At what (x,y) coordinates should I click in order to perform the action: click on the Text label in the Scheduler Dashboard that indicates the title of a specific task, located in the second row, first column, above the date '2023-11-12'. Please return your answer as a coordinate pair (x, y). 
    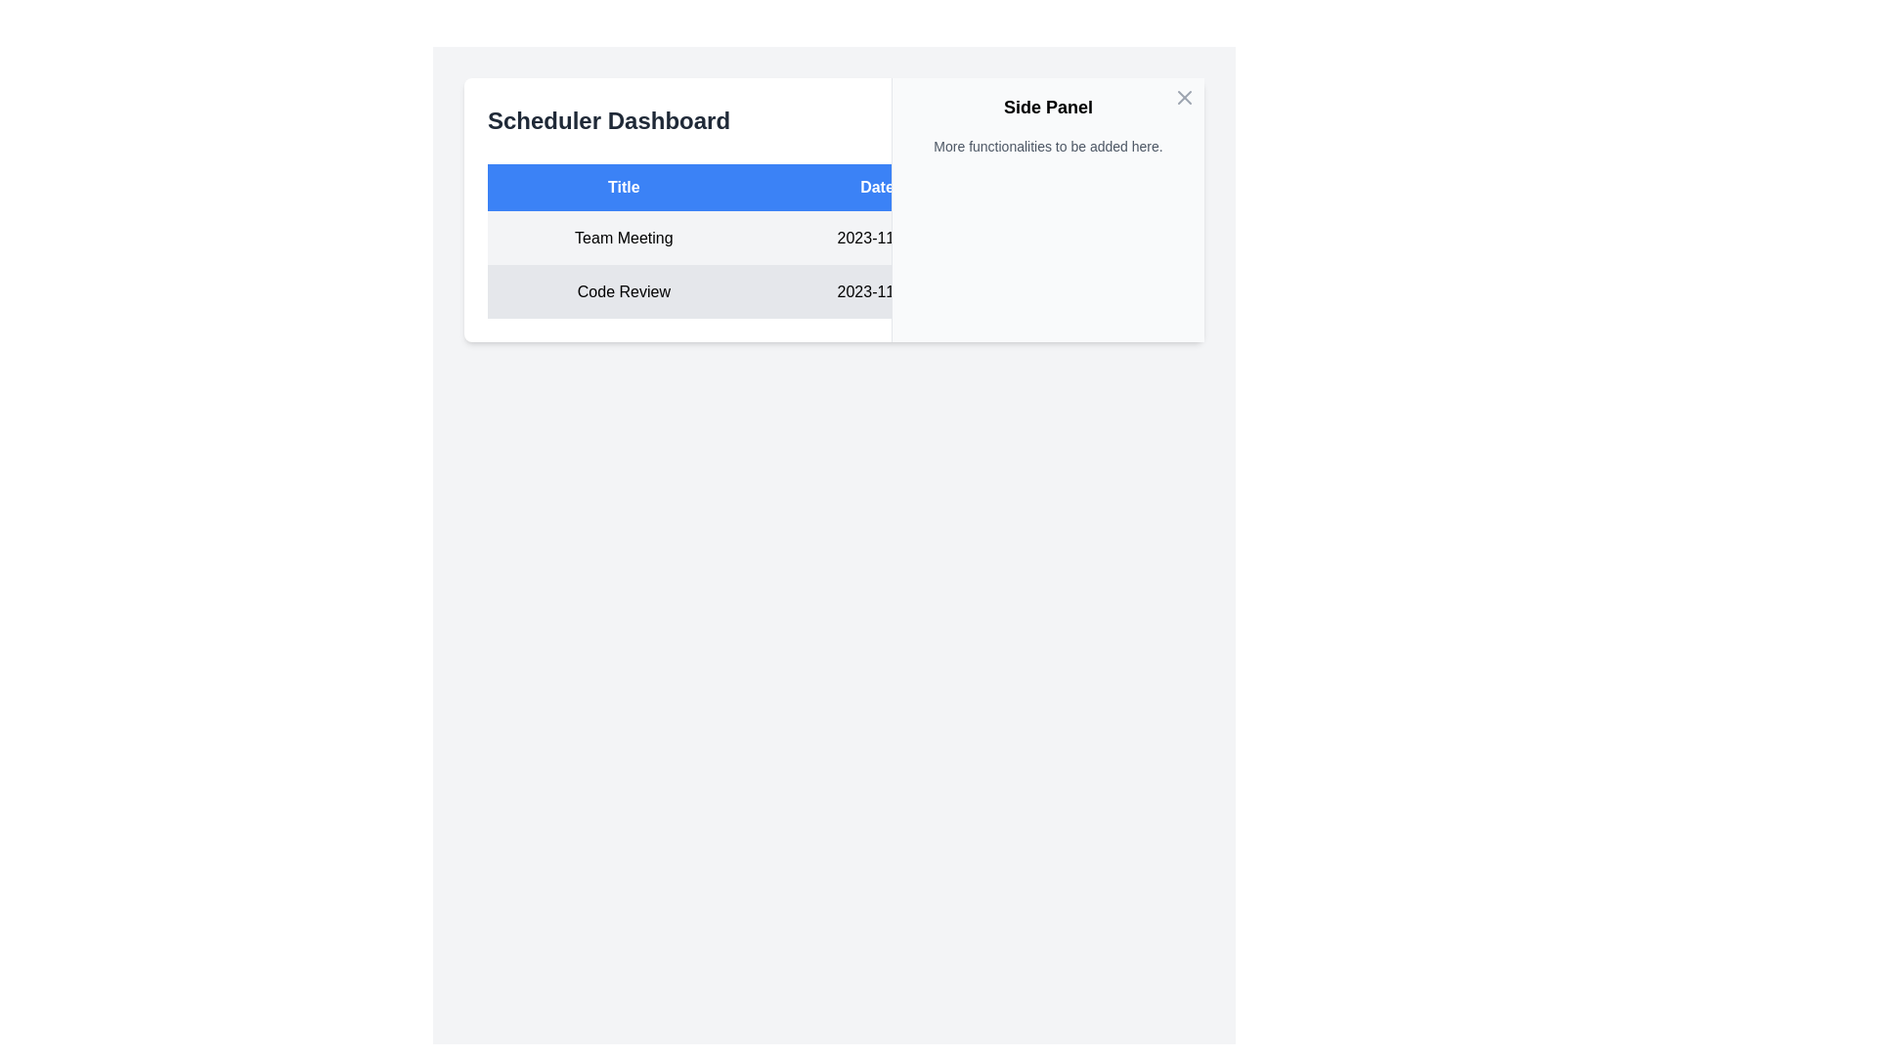
    Looking at the image, I should click on (623, 291).